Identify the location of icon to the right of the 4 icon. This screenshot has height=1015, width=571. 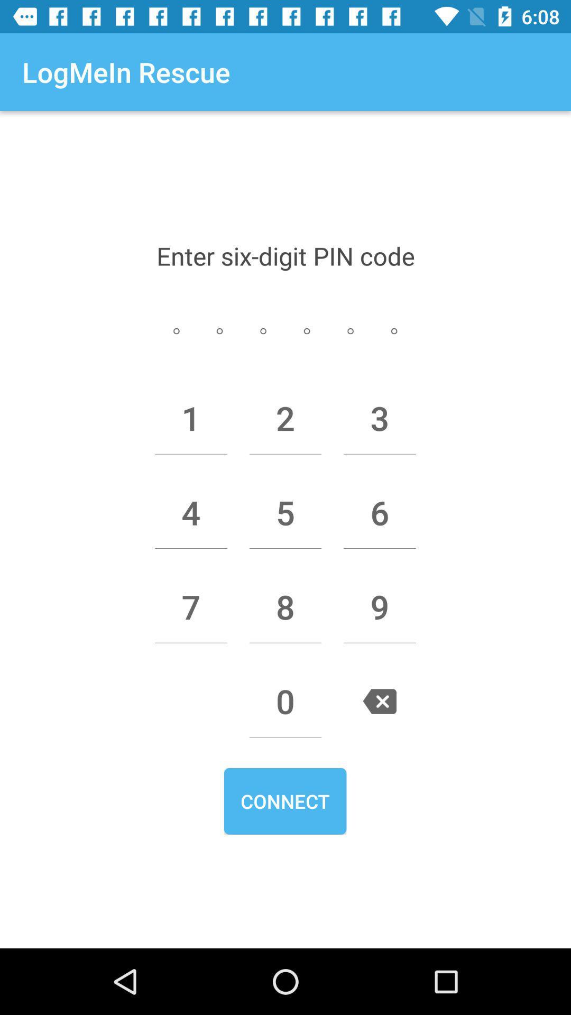
(285, 512).